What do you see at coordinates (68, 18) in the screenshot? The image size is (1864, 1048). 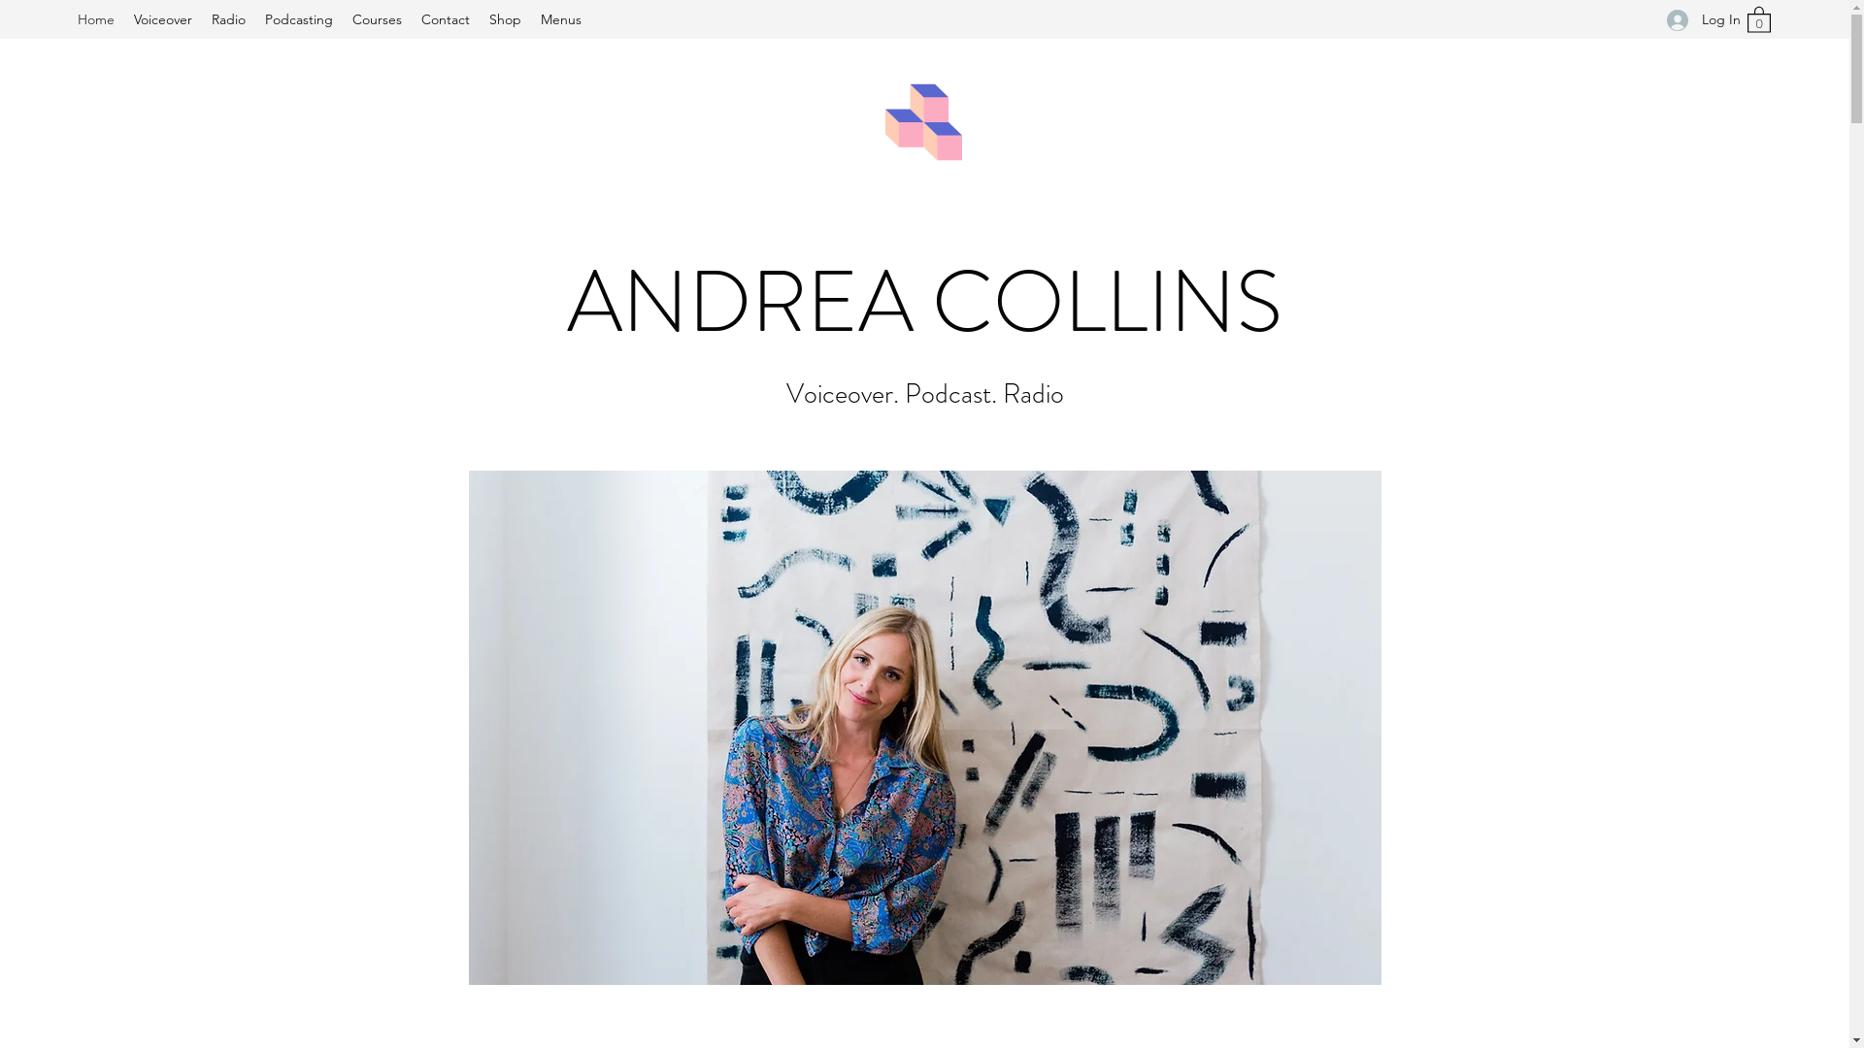 I see `'Home'` at bounding box center [68, 18].